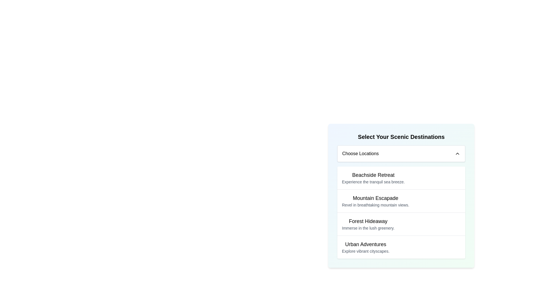 This screenshot has height=308, width=548. Describe the element at coordinates (401, 247) in the screenshot. I see `to select the 'Urban Adventures' option, which is the fourth item in a list displaying the title 'Urban Adventures' in bold and a subtitle 'Explore vibrant cityscapes.'` at that location.